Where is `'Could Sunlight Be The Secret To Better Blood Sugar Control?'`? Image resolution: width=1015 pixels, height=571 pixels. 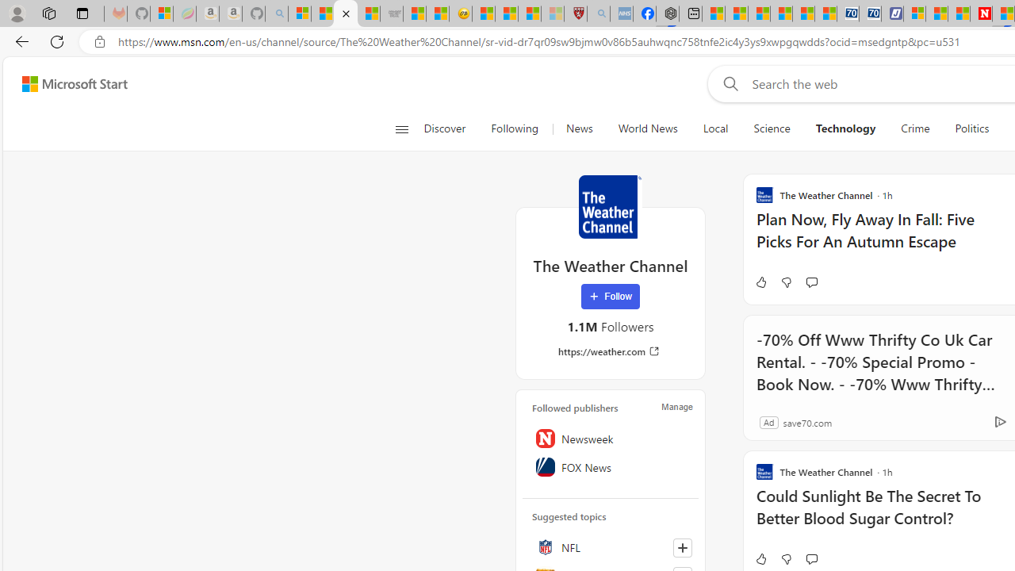
'Could Sunlight Be The Secret To Better Blood Sugar Control?' is located at coordinates (883, 515).